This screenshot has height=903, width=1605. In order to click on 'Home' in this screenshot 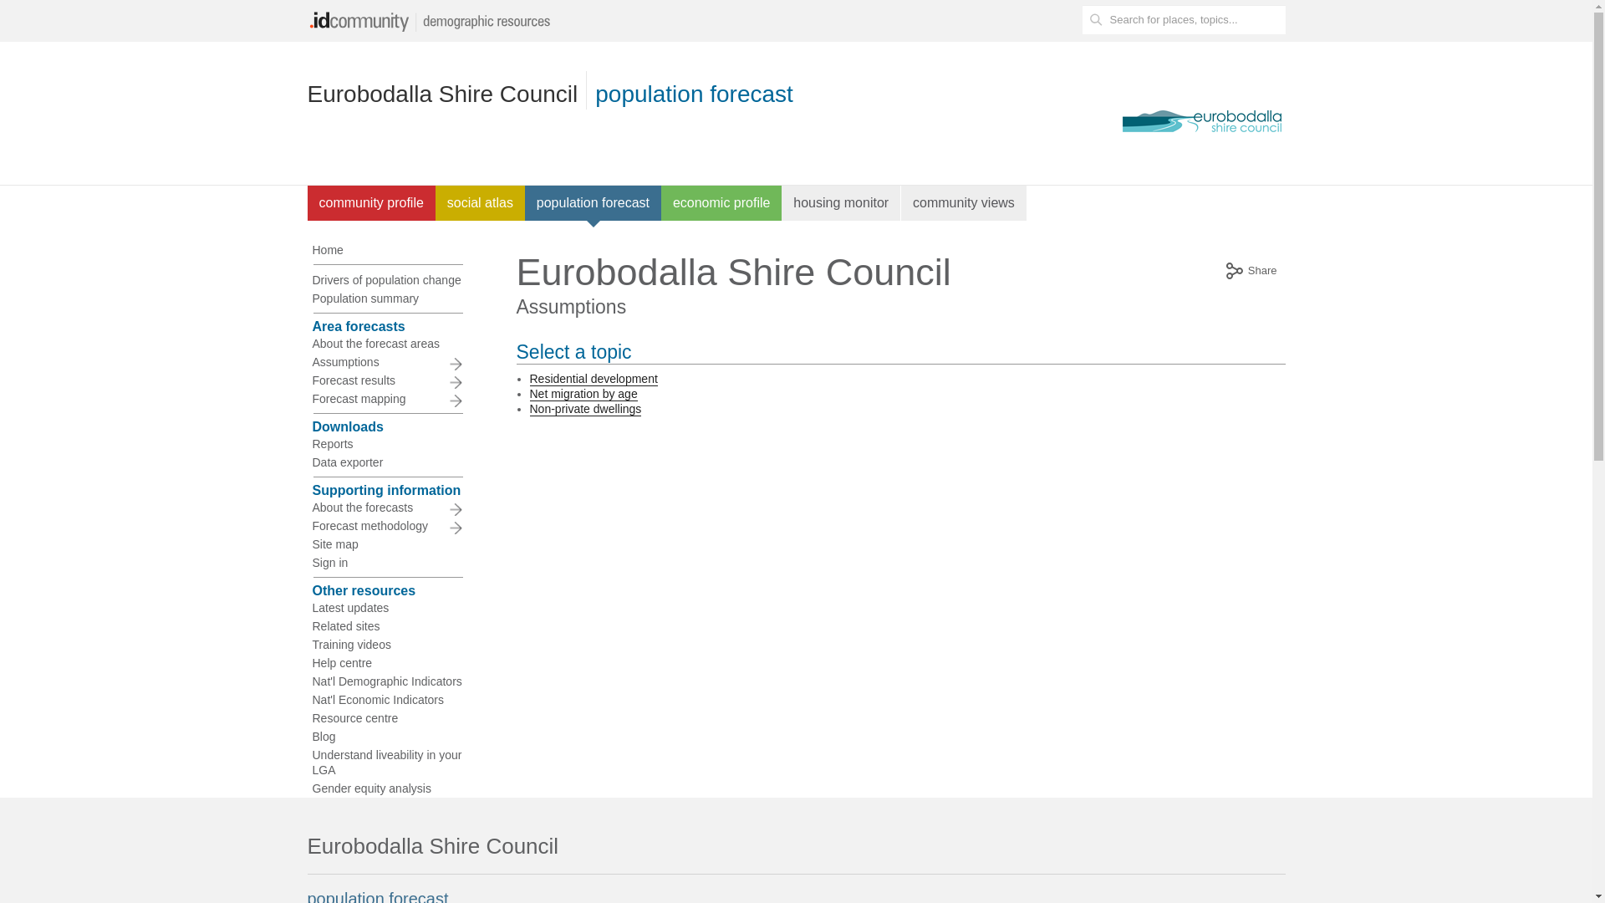, I will do `click(385, 250)`.